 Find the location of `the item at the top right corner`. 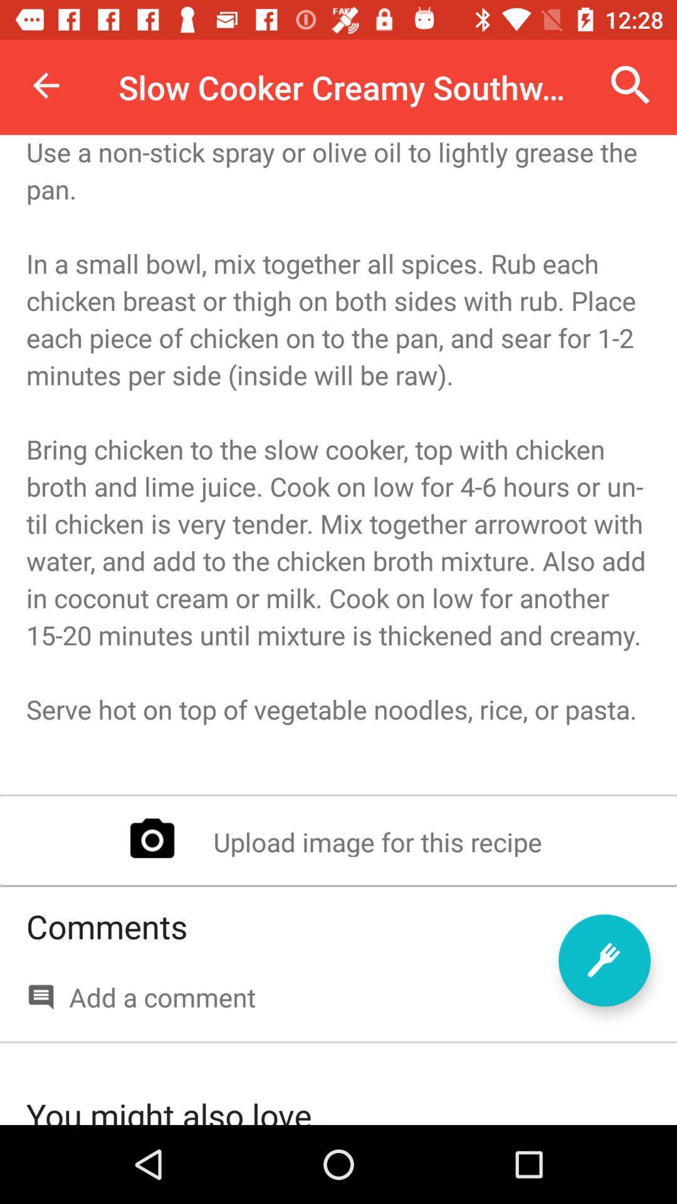

the item at the top right corner is located at coordinates (631, 85).